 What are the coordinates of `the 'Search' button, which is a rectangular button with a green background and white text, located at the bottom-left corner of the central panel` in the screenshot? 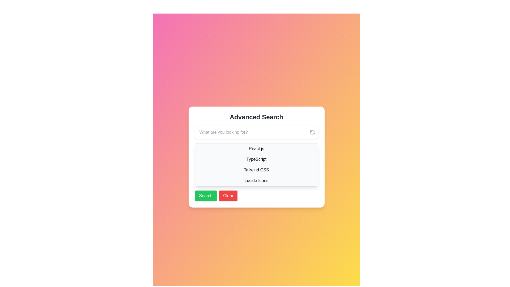 It's located at (205, 196).